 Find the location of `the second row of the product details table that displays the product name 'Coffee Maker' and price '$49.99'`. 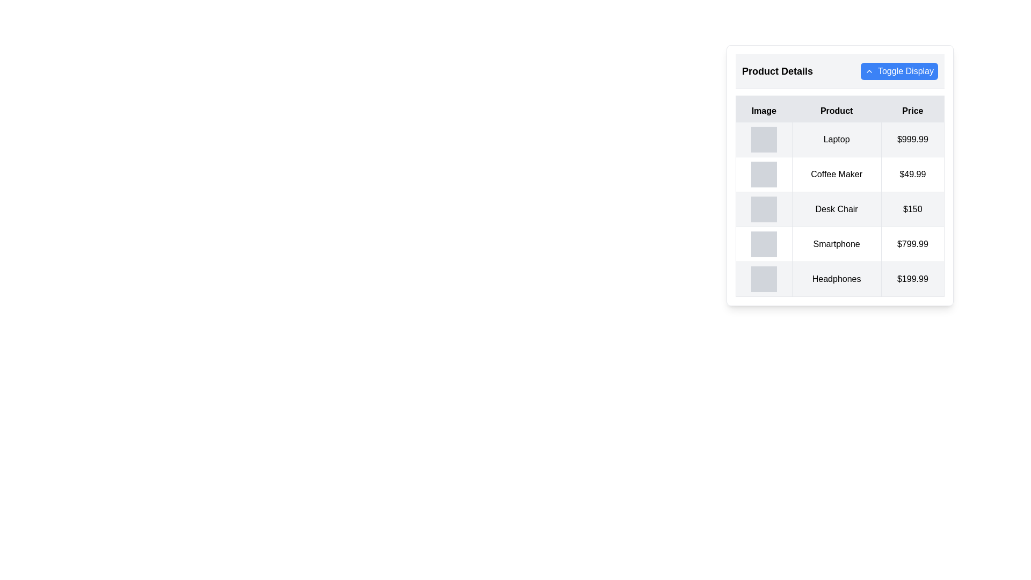

the second row of the product details table that displays the product name 'Coffee Maker' and price '$49.99' is located at coordinates (839, 173).